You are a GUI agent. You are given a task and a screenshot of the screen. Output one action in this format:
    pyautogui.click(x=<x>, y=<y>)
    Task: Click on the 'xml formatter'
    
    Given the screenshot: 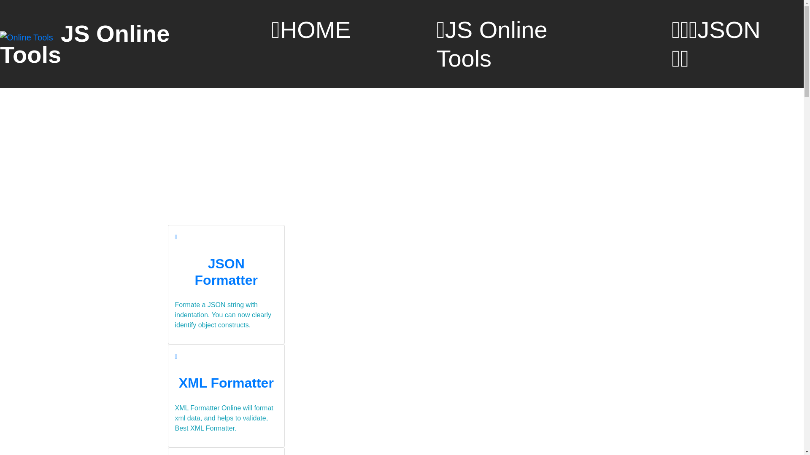 What is the action you would take?
    pyautogui.click(x=174, y=356)
    